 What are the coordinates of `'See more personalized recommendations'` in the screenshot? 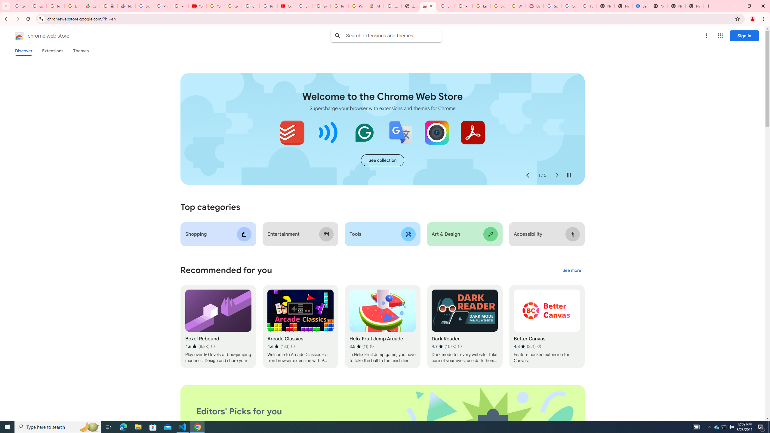 It's located at (571, 271).